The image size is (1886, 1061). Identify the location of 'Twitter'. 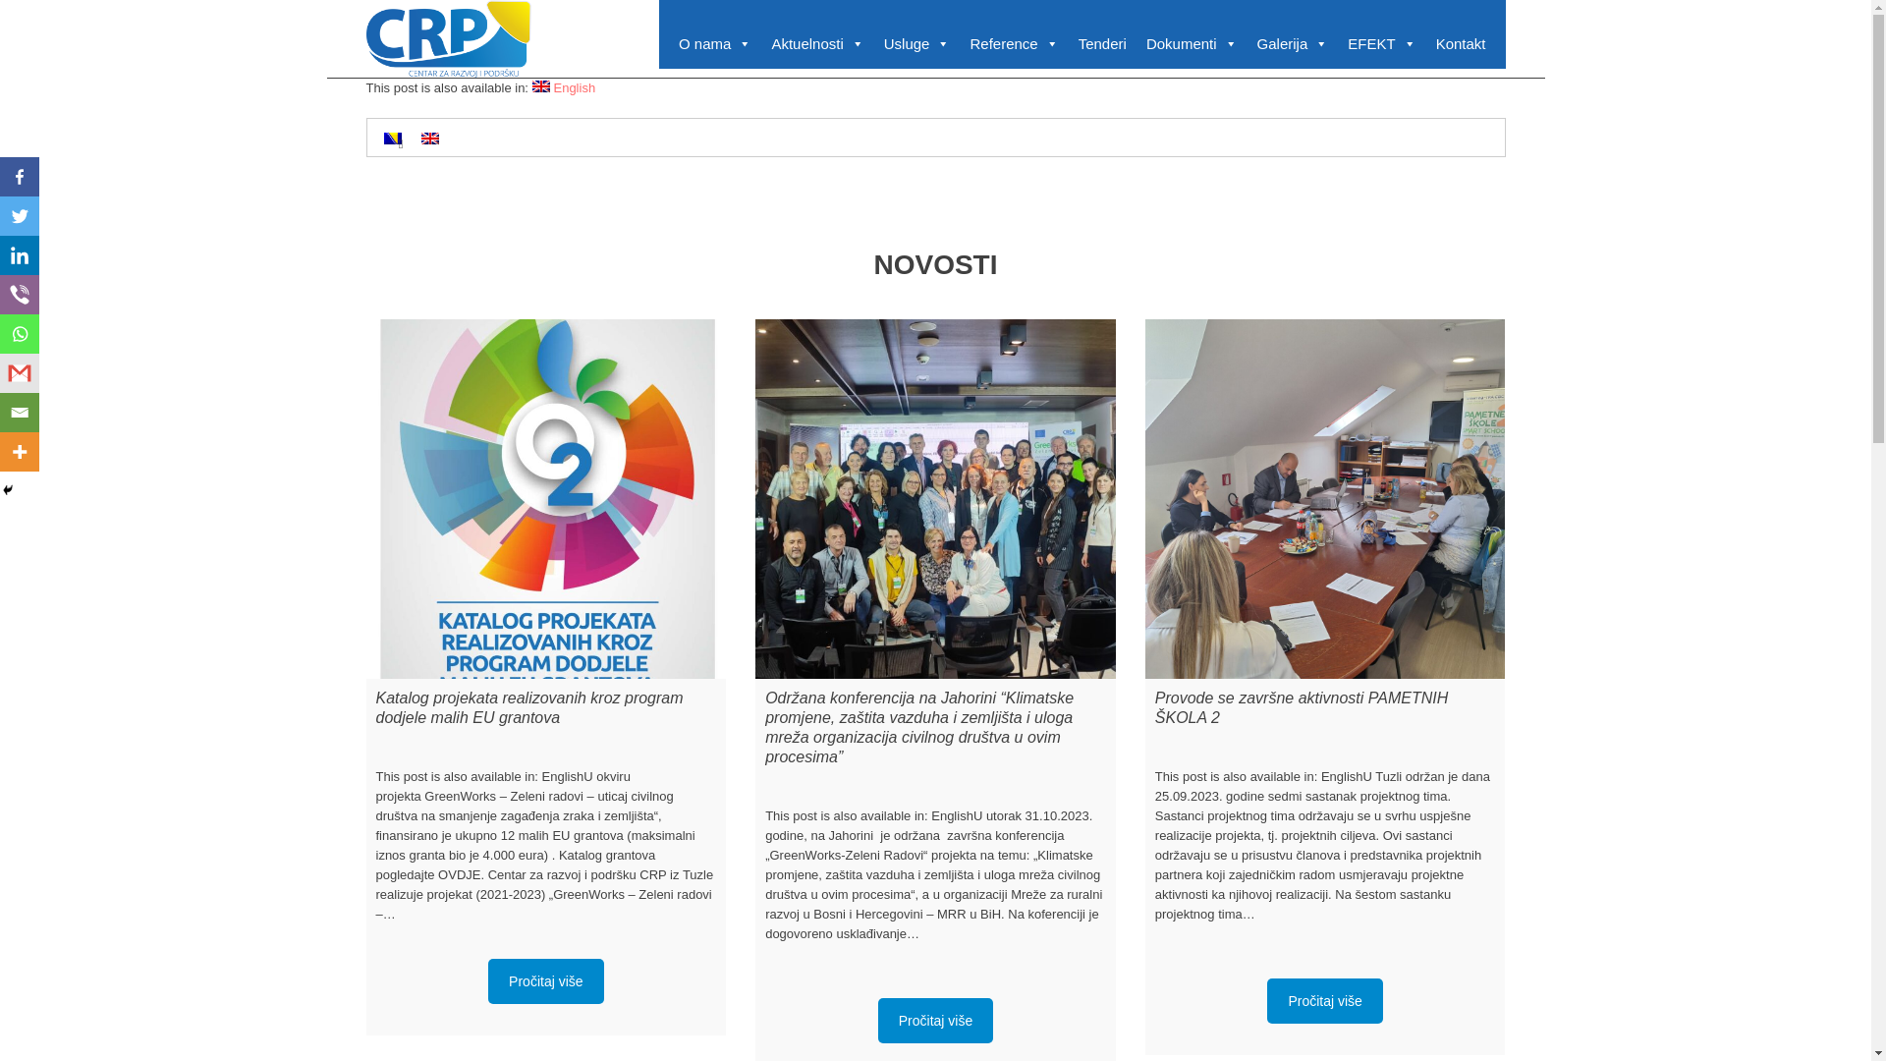
(19, 215).